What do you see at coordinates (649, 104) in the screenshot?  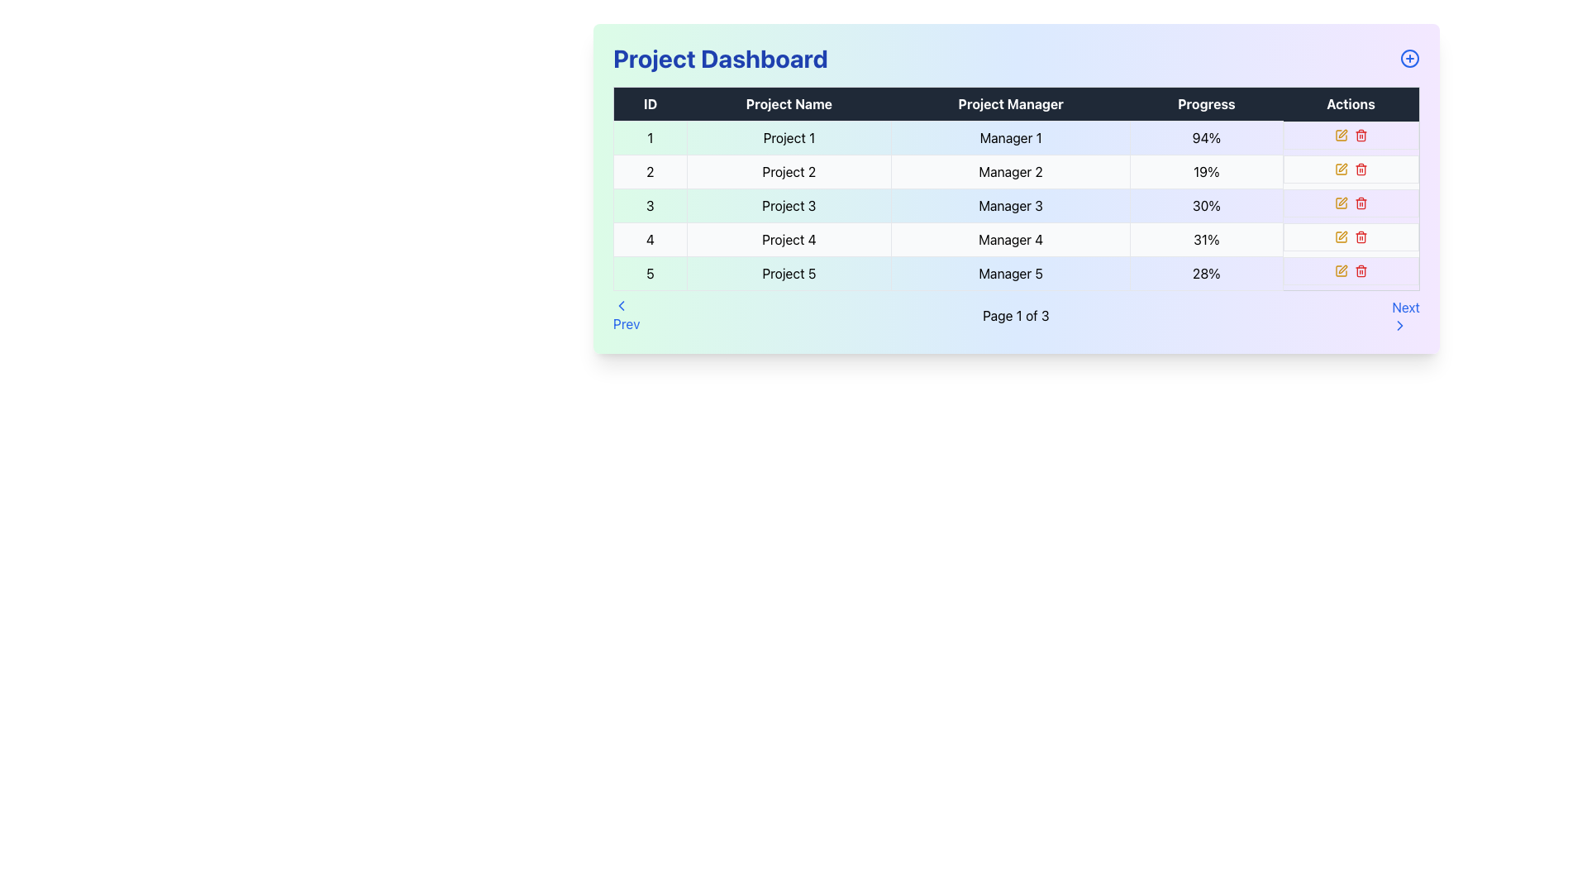 I see `the column header for ID data in the table` at bounding box center [649, 104].